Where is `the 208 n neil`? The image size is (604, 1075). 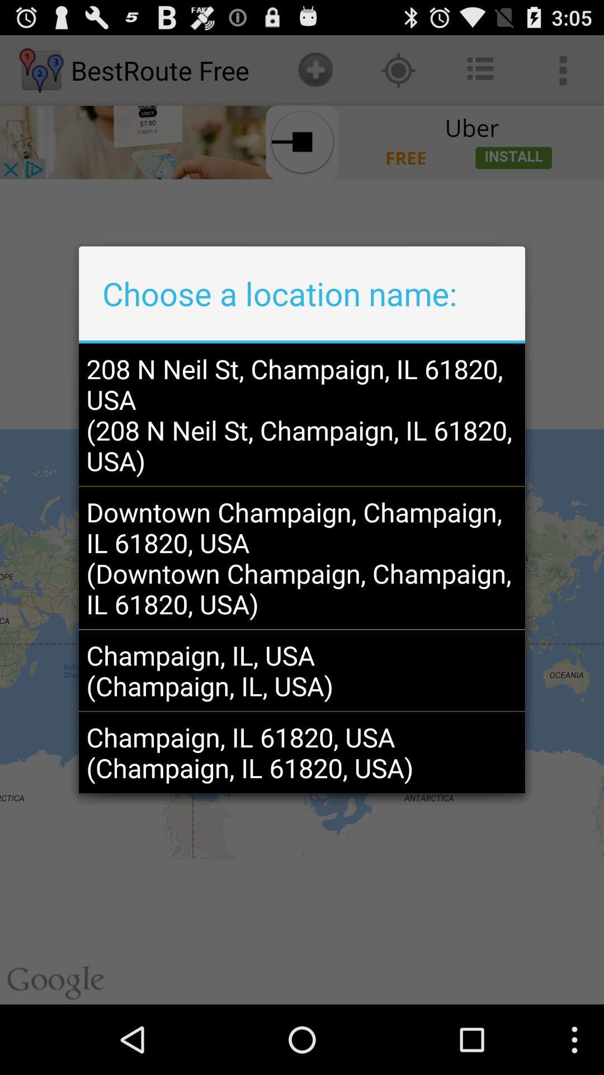 the 208 n neil is located at coordinates (302, 414).